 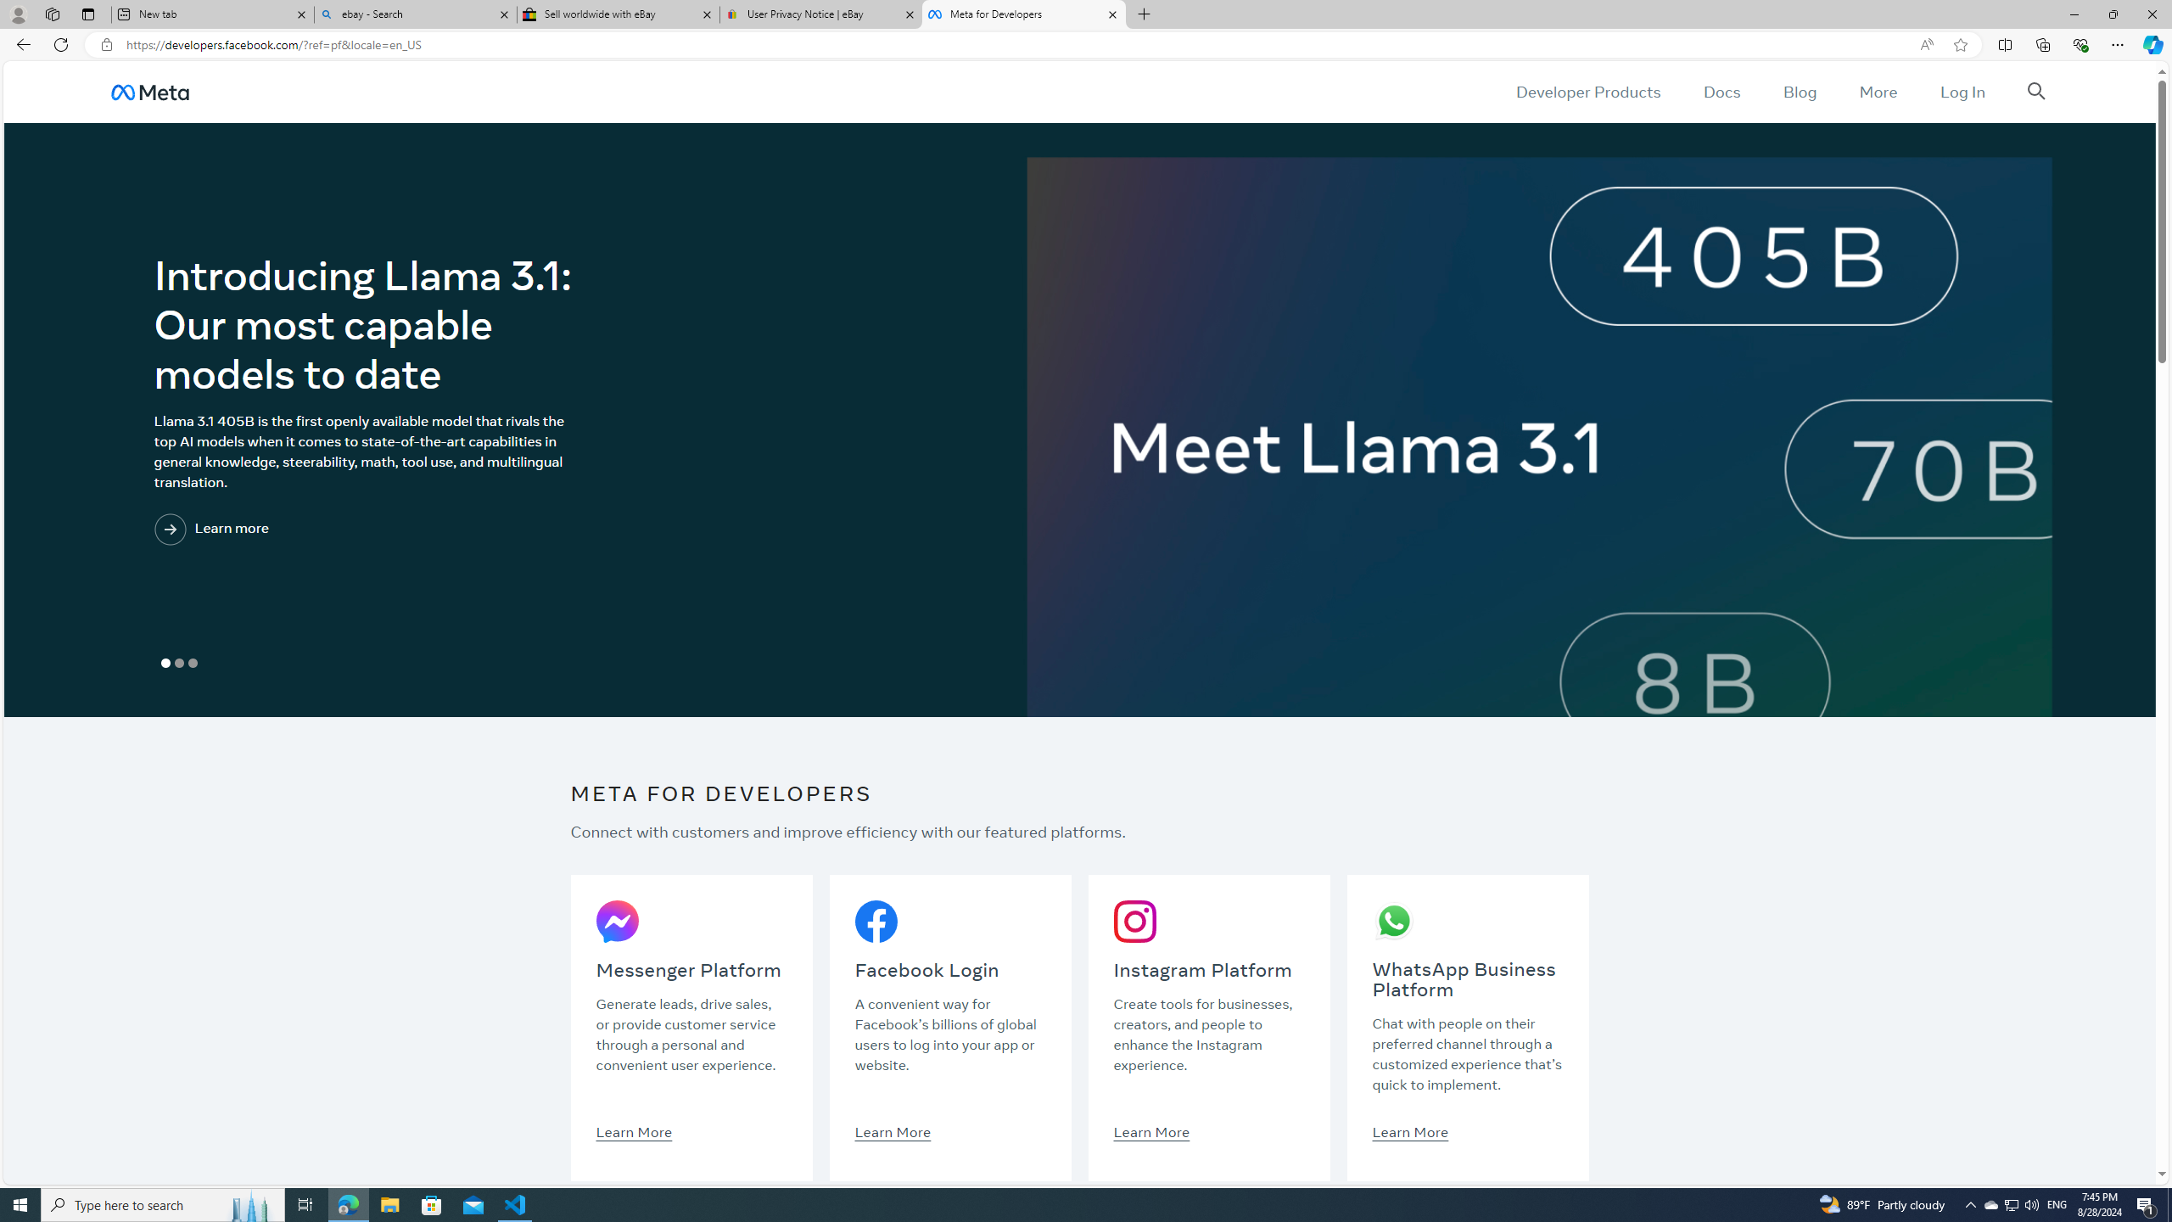 What do you see at coordinates (1587, 91) in the screenshot?
I see `'Developer Products'` at bounding box center [1587, 91].